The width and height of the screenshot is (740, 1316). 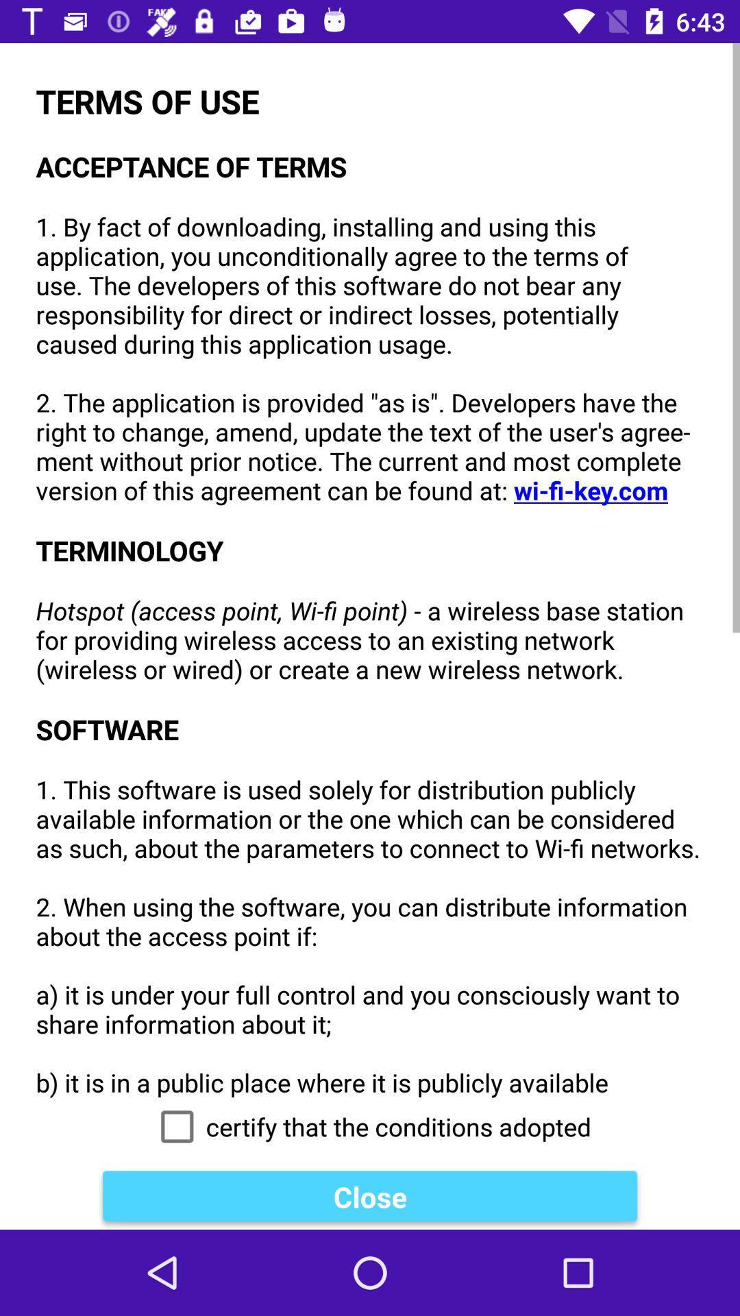 What do you see at coordinates (370, 1196) in the screenshot?
I see `the close icon` at bounding box center [370, 1196].